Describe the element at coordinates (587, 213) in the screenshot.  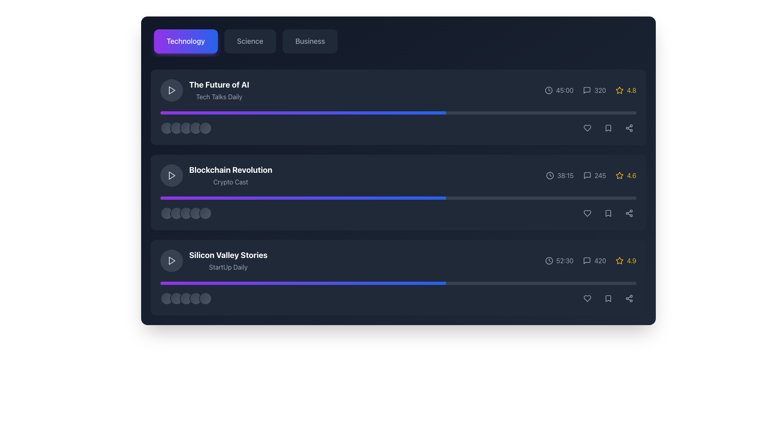
I see `the heart icon to like the item titled 'Blockchain Revolution' located in the second row of the list` at that location.